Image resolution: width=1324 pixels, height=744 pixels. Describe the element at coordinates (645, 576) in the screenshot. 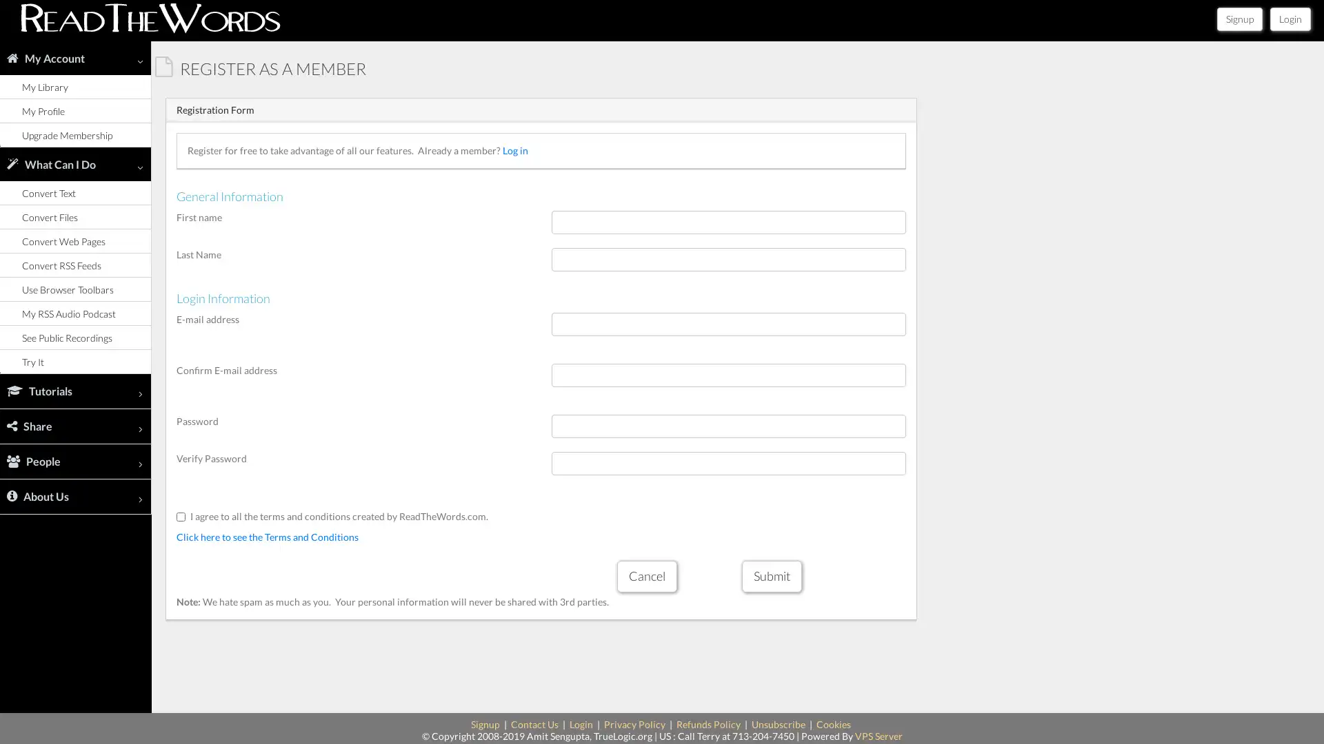

I see `Cancel` at that location.